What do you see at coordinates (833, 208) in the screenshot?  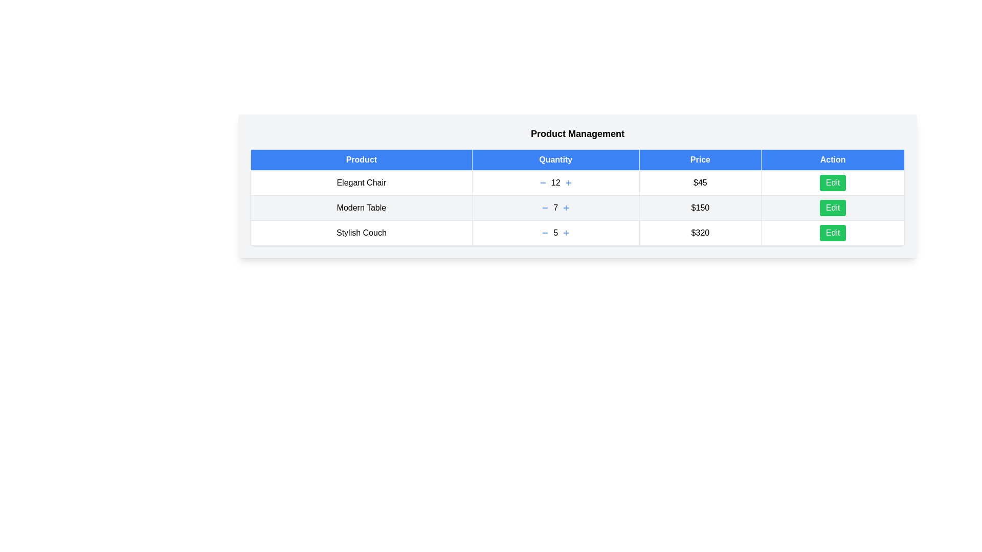 I see `the 'Edit' button for the product with description 'Modern Table'` at bounding box center [833, 208].